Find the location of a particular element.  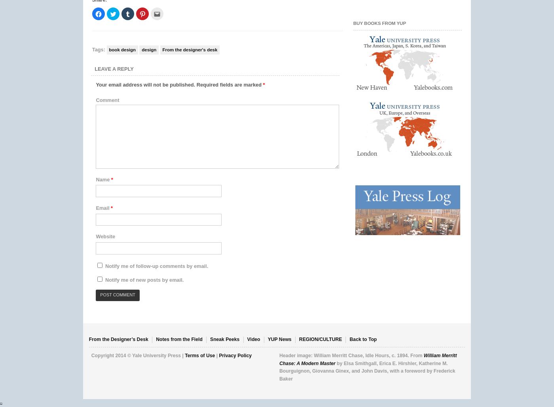

'Notify me of follow-up comments by email.' is located at coordinates (156, 265).